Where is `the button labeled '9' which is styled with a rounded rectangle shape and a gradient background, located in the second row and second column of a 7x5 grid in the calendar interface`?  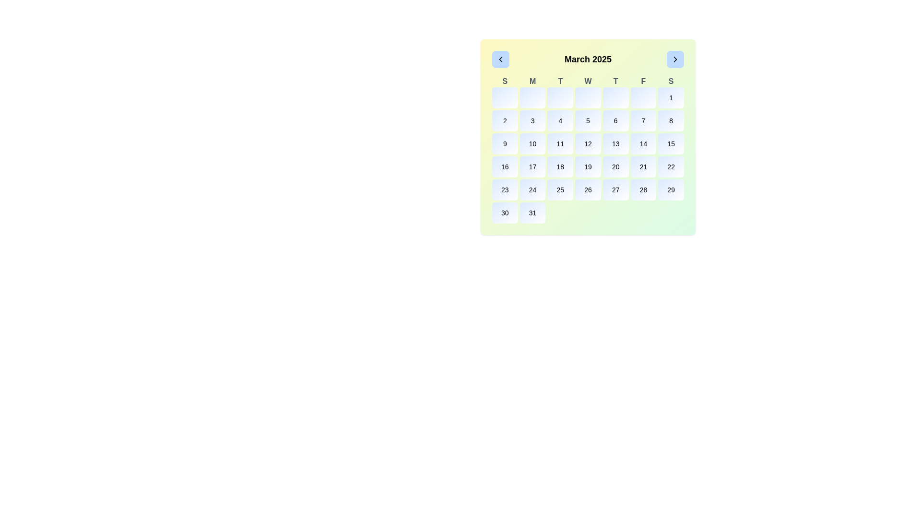 the button labeled '9' which is styled with a rounded rectangle shape and a gradient background, located in the second row and second column of a 7x5 grid in the calendar interface is located at coordinates (504, 144).